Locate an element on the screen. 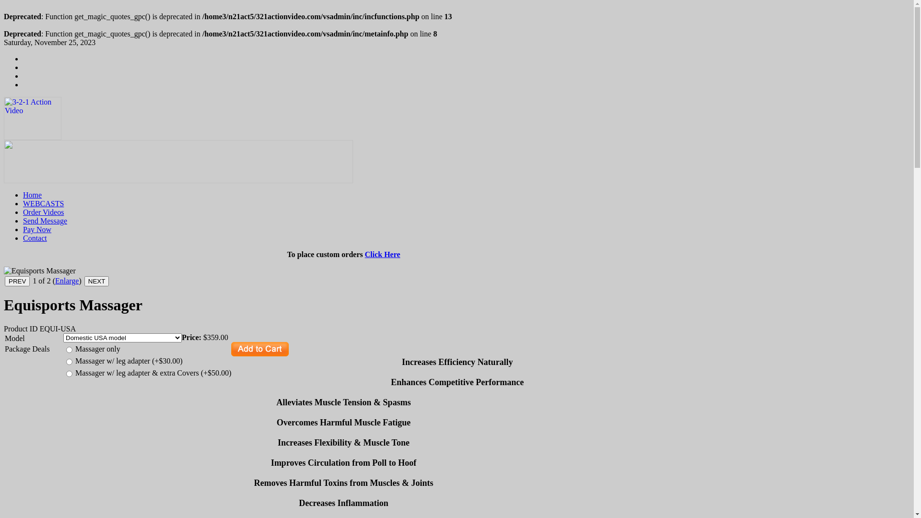 The width and height of the screenshot is (921, 518). 'Home' is located at coordinates (32, 194).